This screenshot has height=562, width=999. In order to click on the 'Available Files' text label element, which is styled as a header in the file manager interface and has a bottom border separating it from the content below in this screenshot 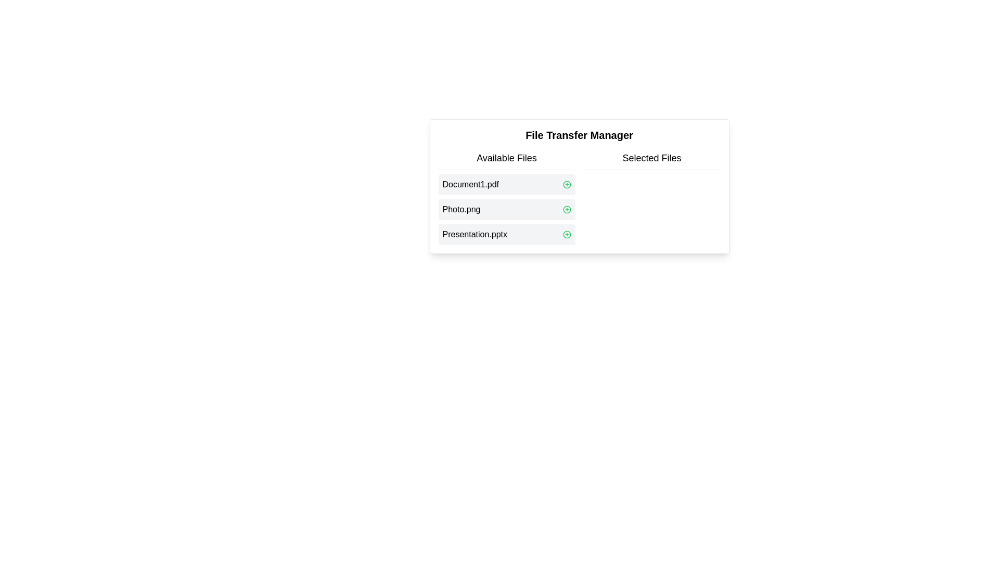, I will do `click(507, 160)`.